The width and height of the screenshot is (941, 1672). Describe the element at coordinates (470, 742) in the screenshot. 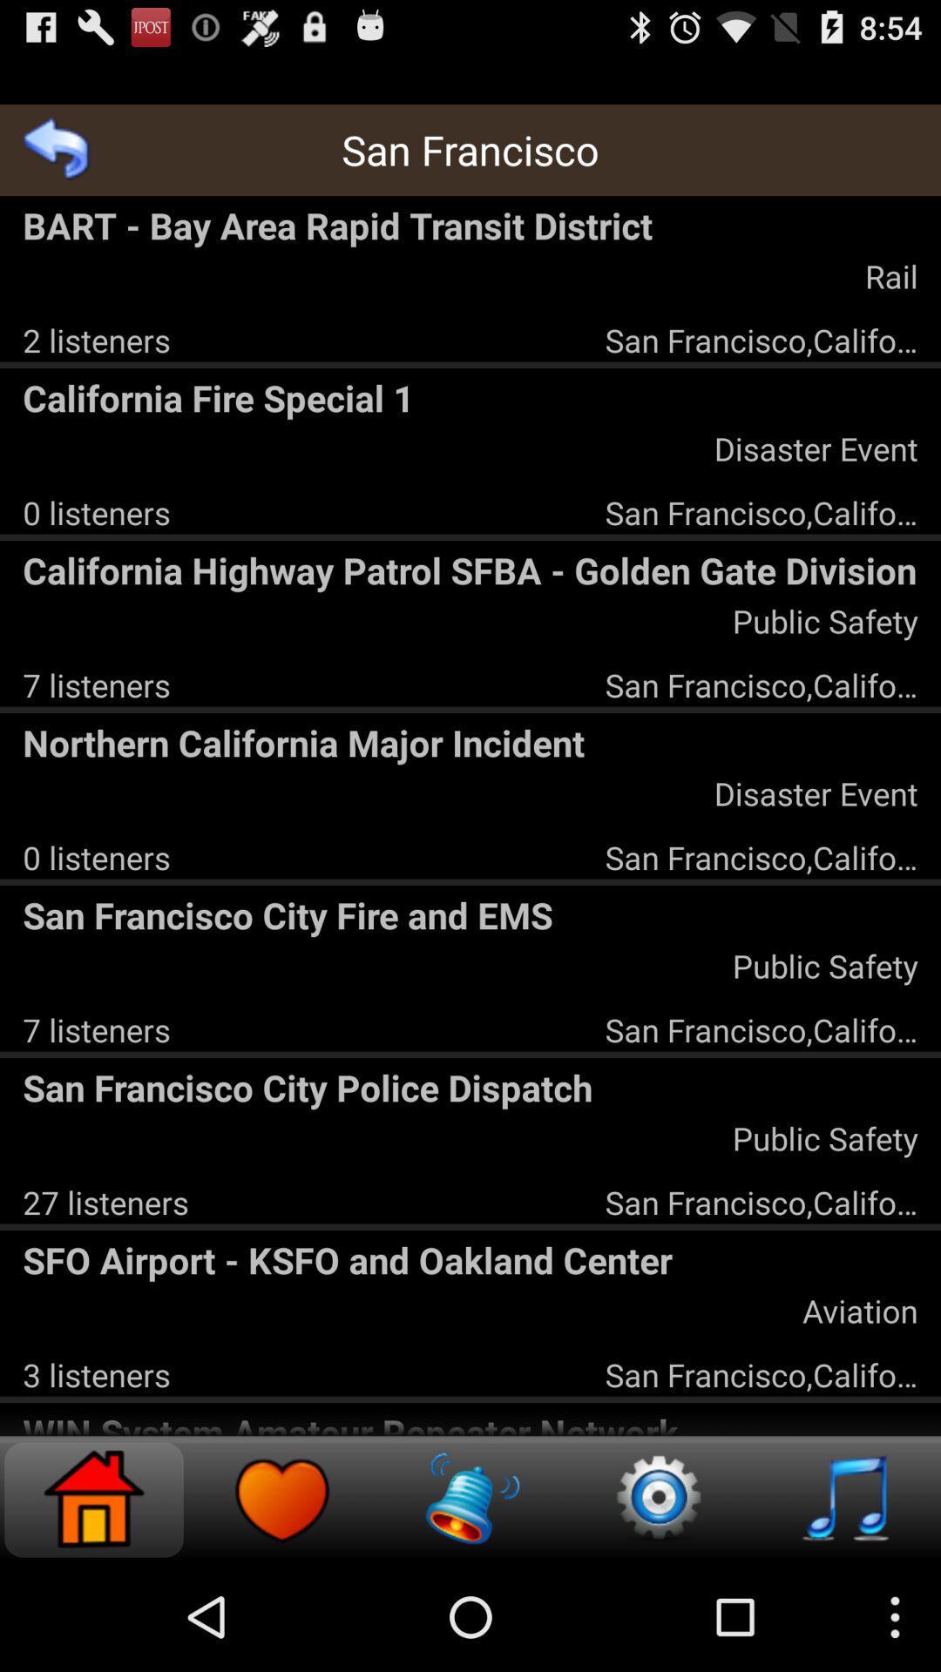

I see `the icon below 7 listeners icon` at that location.